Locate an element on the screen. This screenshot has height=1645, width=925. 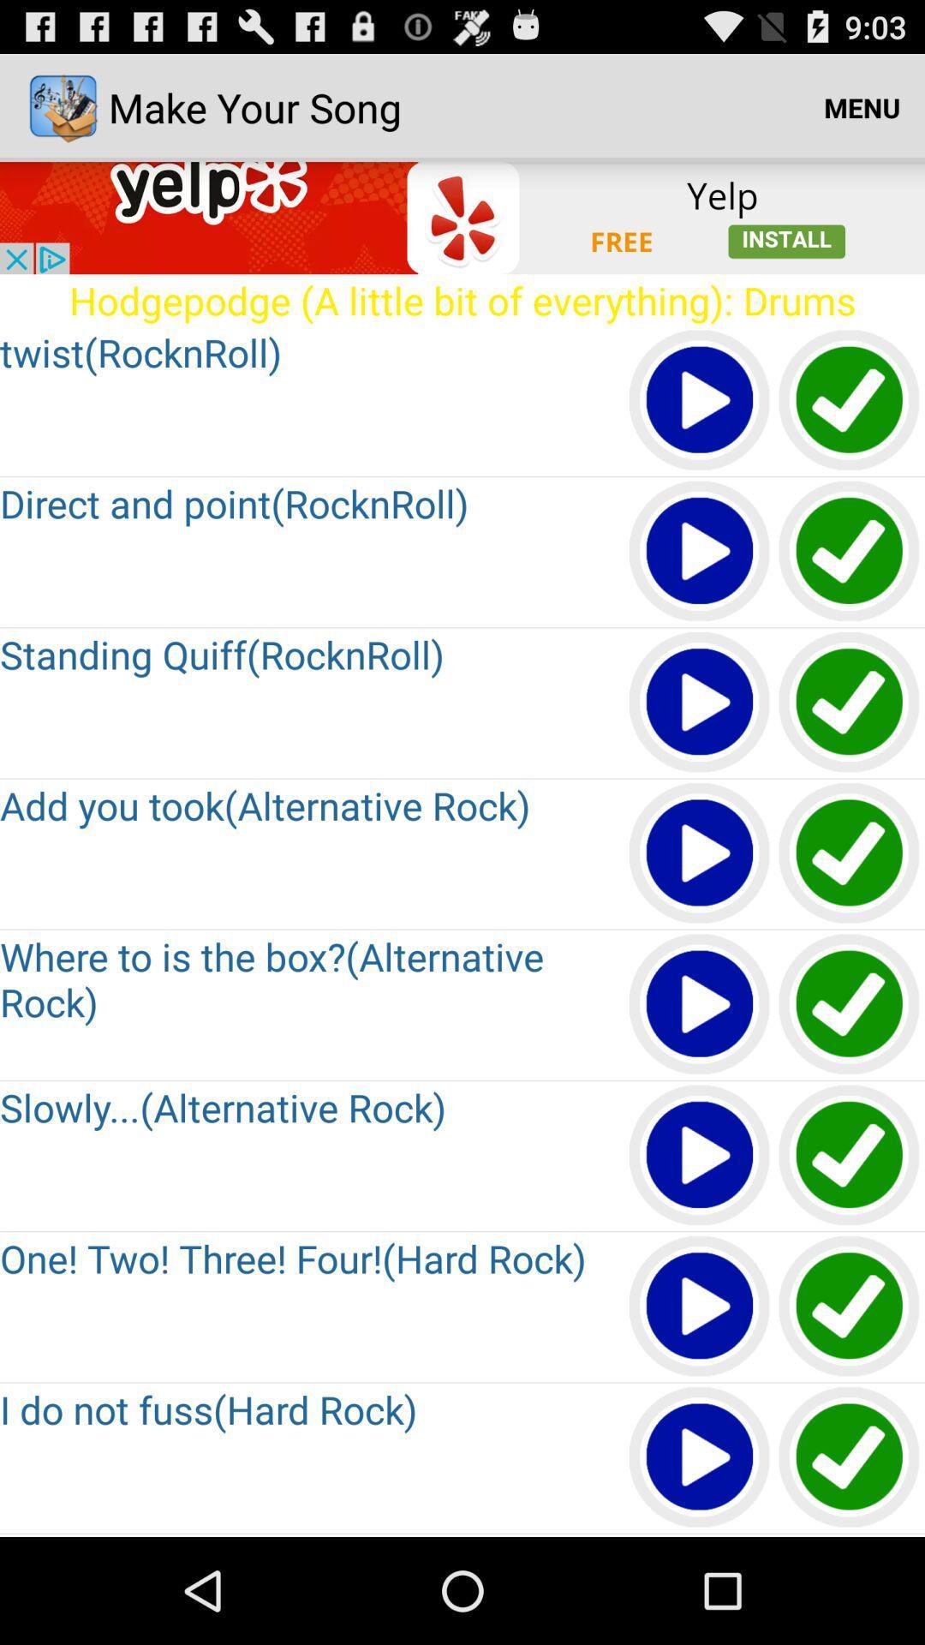
the music are reduce tension is located at coordinates (850, 1156).